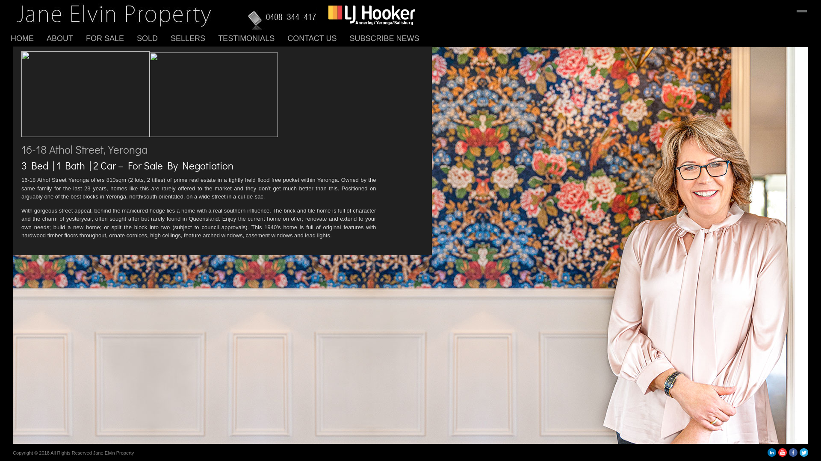  I want to click on 'CONTACT US', so click(318, 38).